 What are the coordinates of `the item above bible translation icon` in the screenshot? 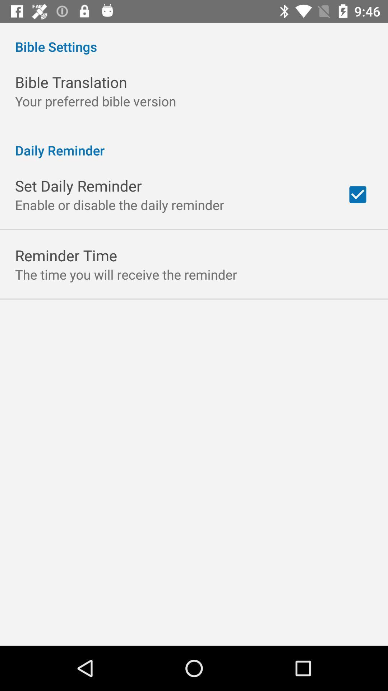 It's located at (194, 39).